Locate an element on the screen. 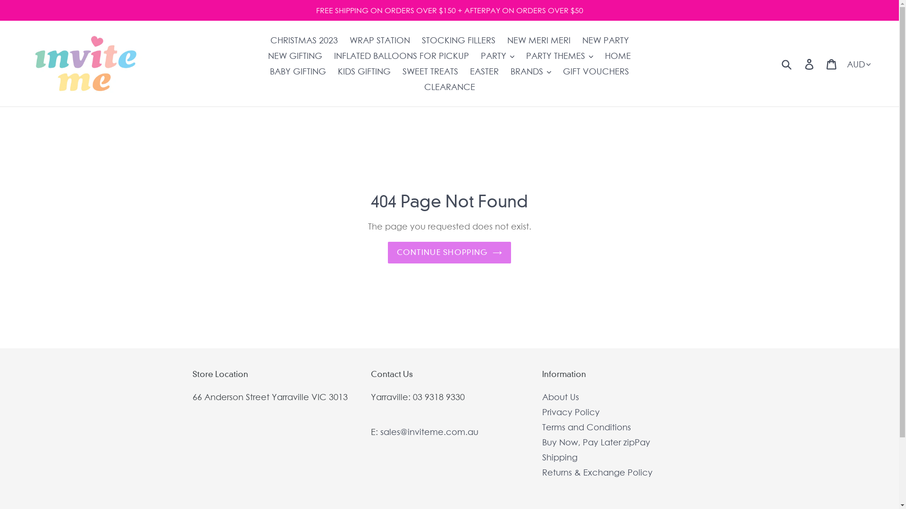  'NEW PARTY' is located at coordinates (605, 40).